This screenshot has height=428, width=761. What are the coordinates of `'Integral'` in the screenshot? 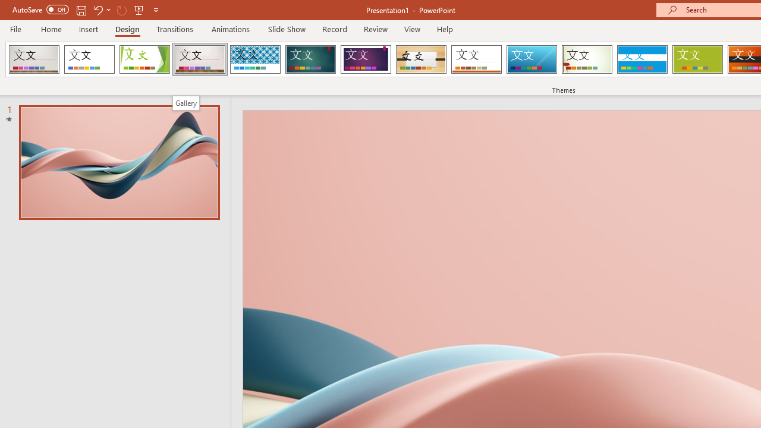 It's located at (254, 59).